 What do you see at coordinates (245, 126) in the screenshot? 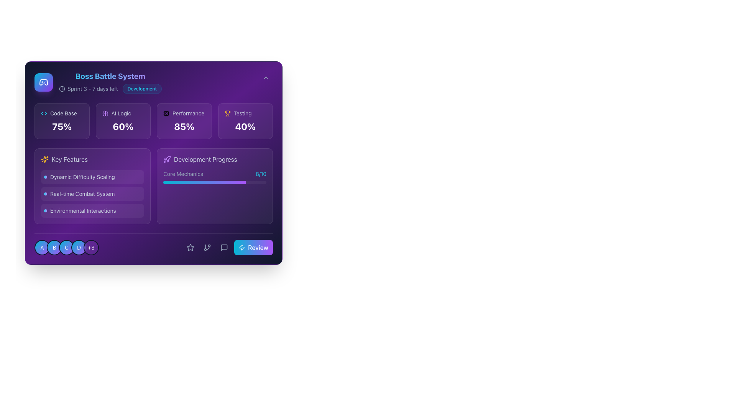
I see `the bold text element displaying '40%' with a gradient color effect, located within the 'Testing' box in the rightmost column` at bounding box center [245, 126].